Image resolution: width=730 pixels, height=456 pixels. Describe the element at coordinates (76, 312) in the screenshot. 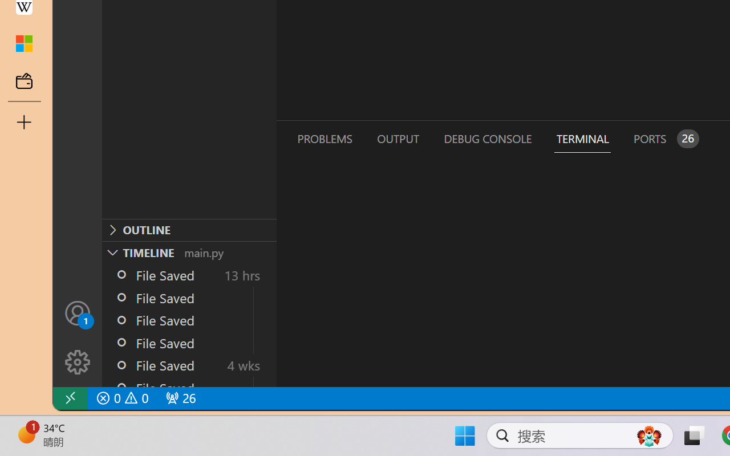

I see `'Accounts - Sign in requested'` at that location.